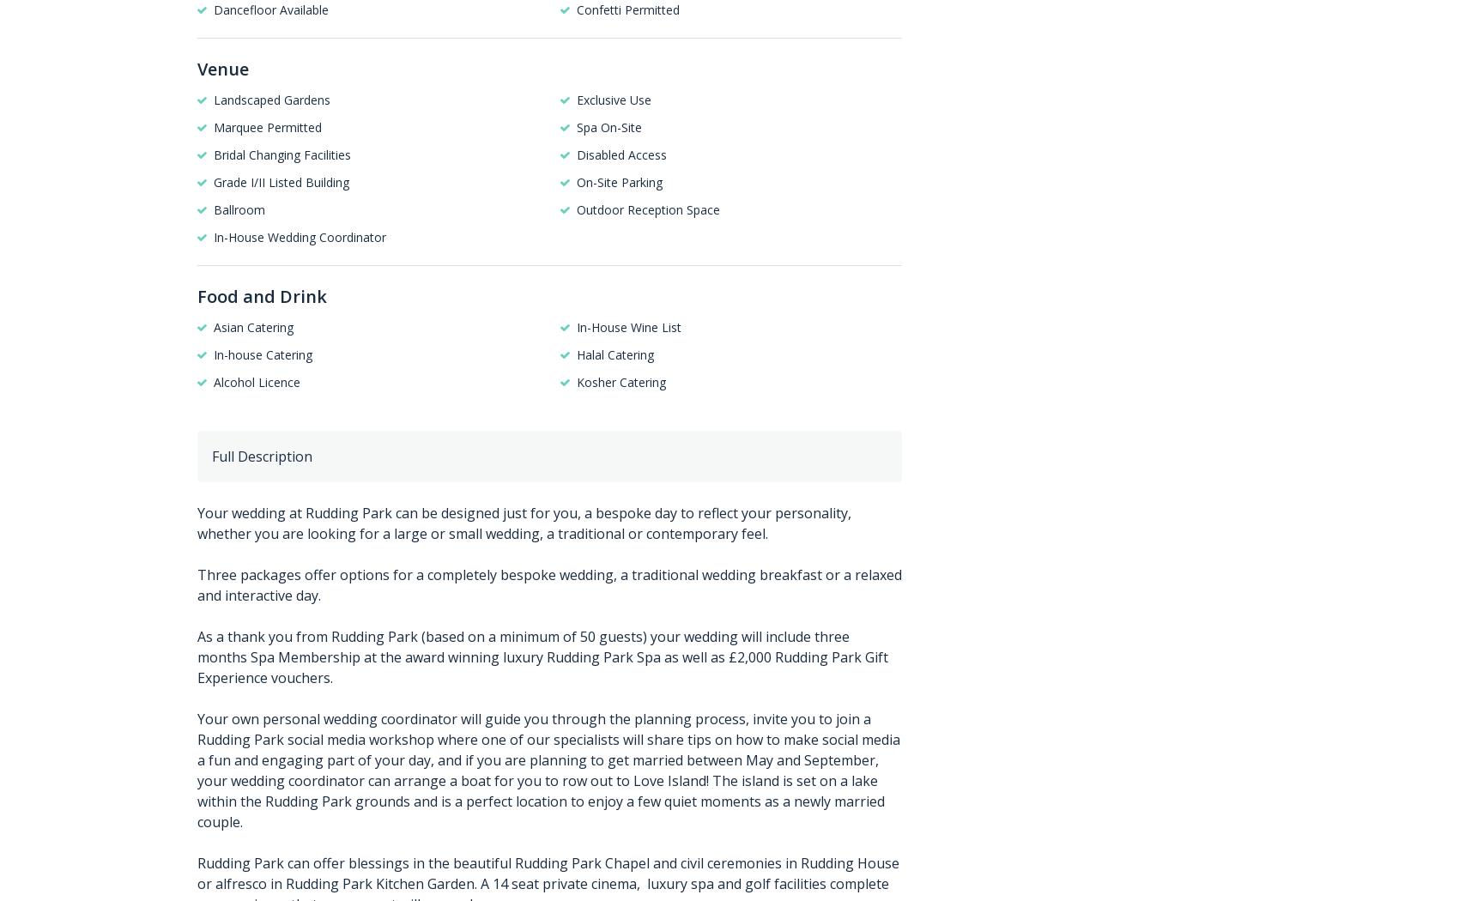 The height and width of the screenshot is (901, 1459). What do you see at coordinates (628, 326) in the screenshot?
I see `'In-House Wine List'` at bounding box center [628, 326].